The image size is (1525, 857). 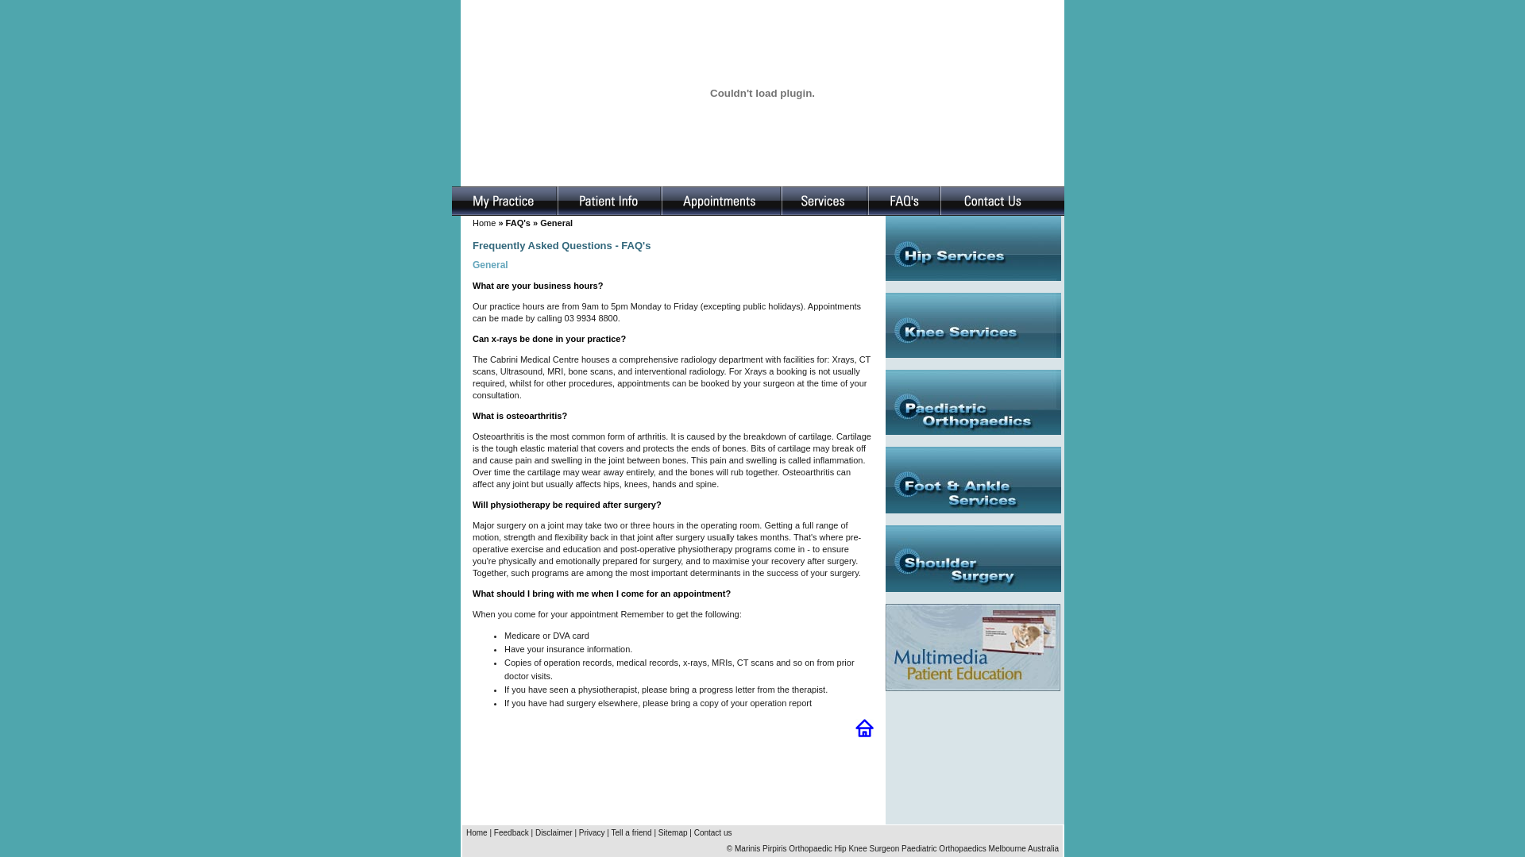 I want to click on 'Sitemap', so click(x=673, y=832).